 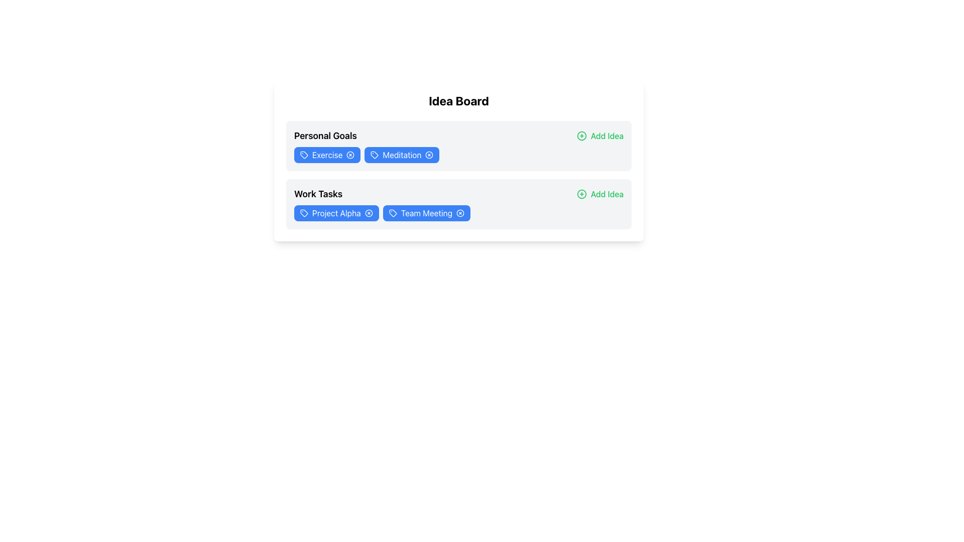 What do you see at coordinates (458, 212) in the screenshot?
I see `the second label or tag under the 'Work Tasks' header in the 'Idea Board' section` at bounding box center [458, 212].